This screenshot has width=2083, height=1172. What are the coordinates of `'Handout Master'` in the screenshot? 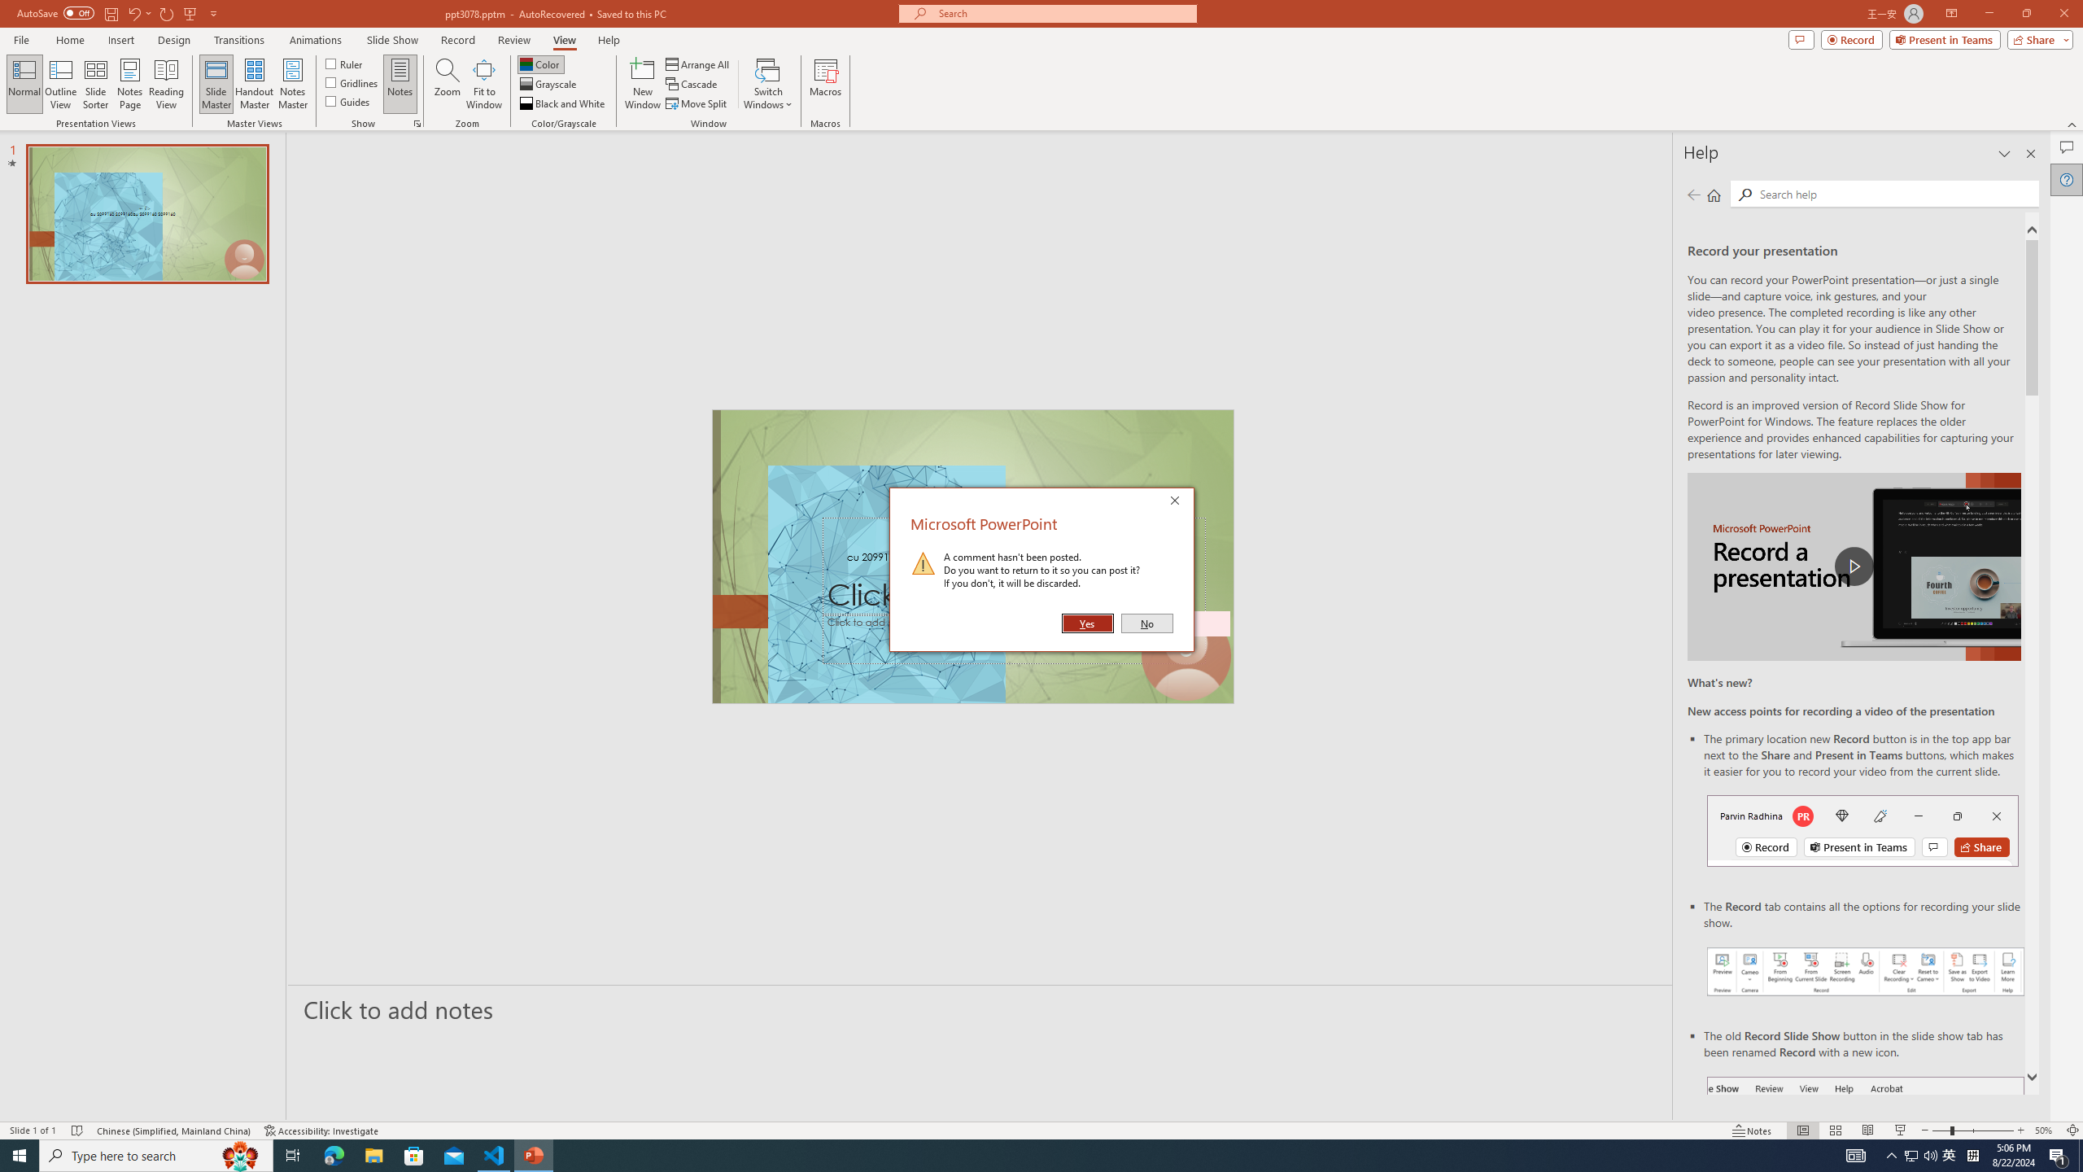 It's located at (253, 84).